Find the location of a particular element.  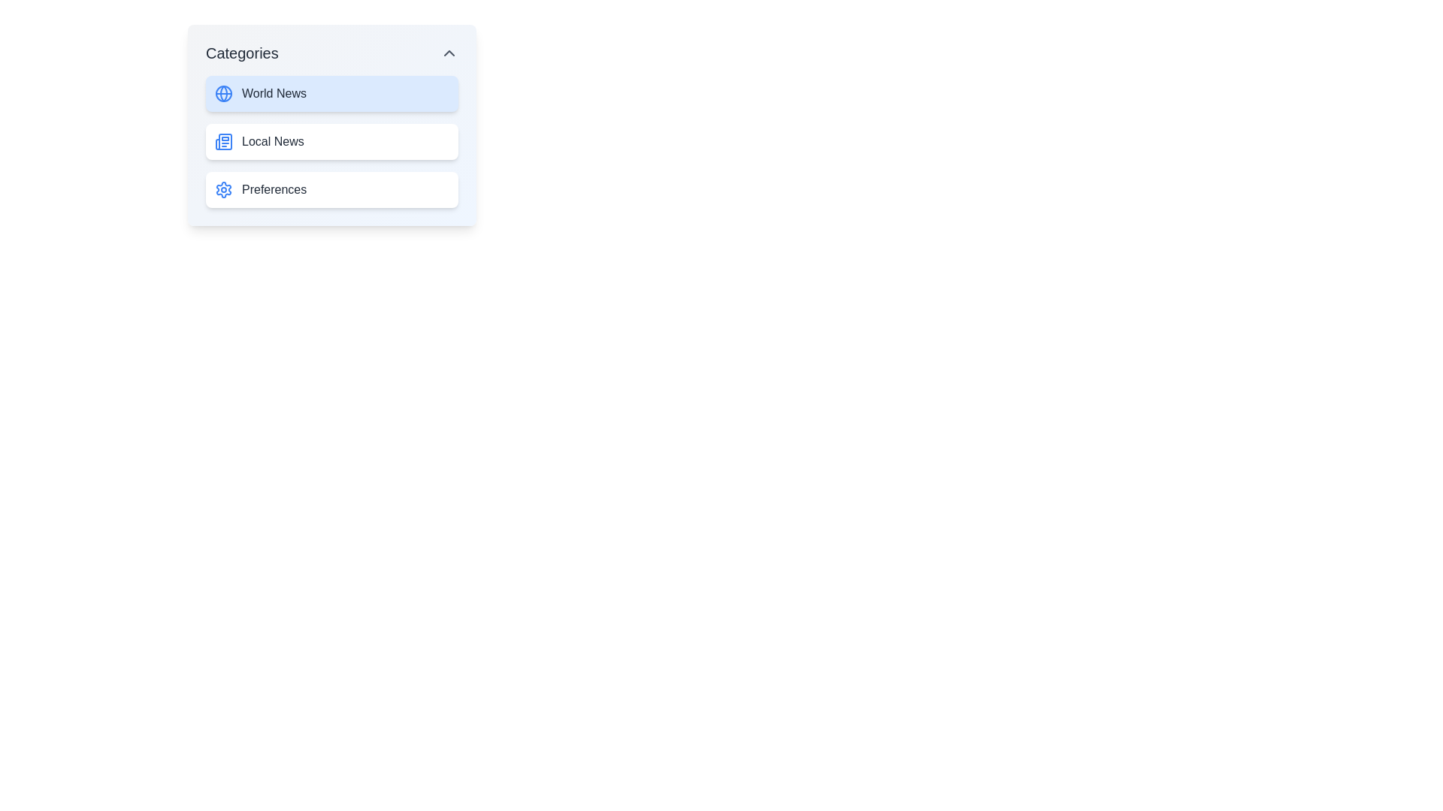

the gear icon representing the 'Preferences' or 'Settings' feature, located is located at coordinates (222, 189).